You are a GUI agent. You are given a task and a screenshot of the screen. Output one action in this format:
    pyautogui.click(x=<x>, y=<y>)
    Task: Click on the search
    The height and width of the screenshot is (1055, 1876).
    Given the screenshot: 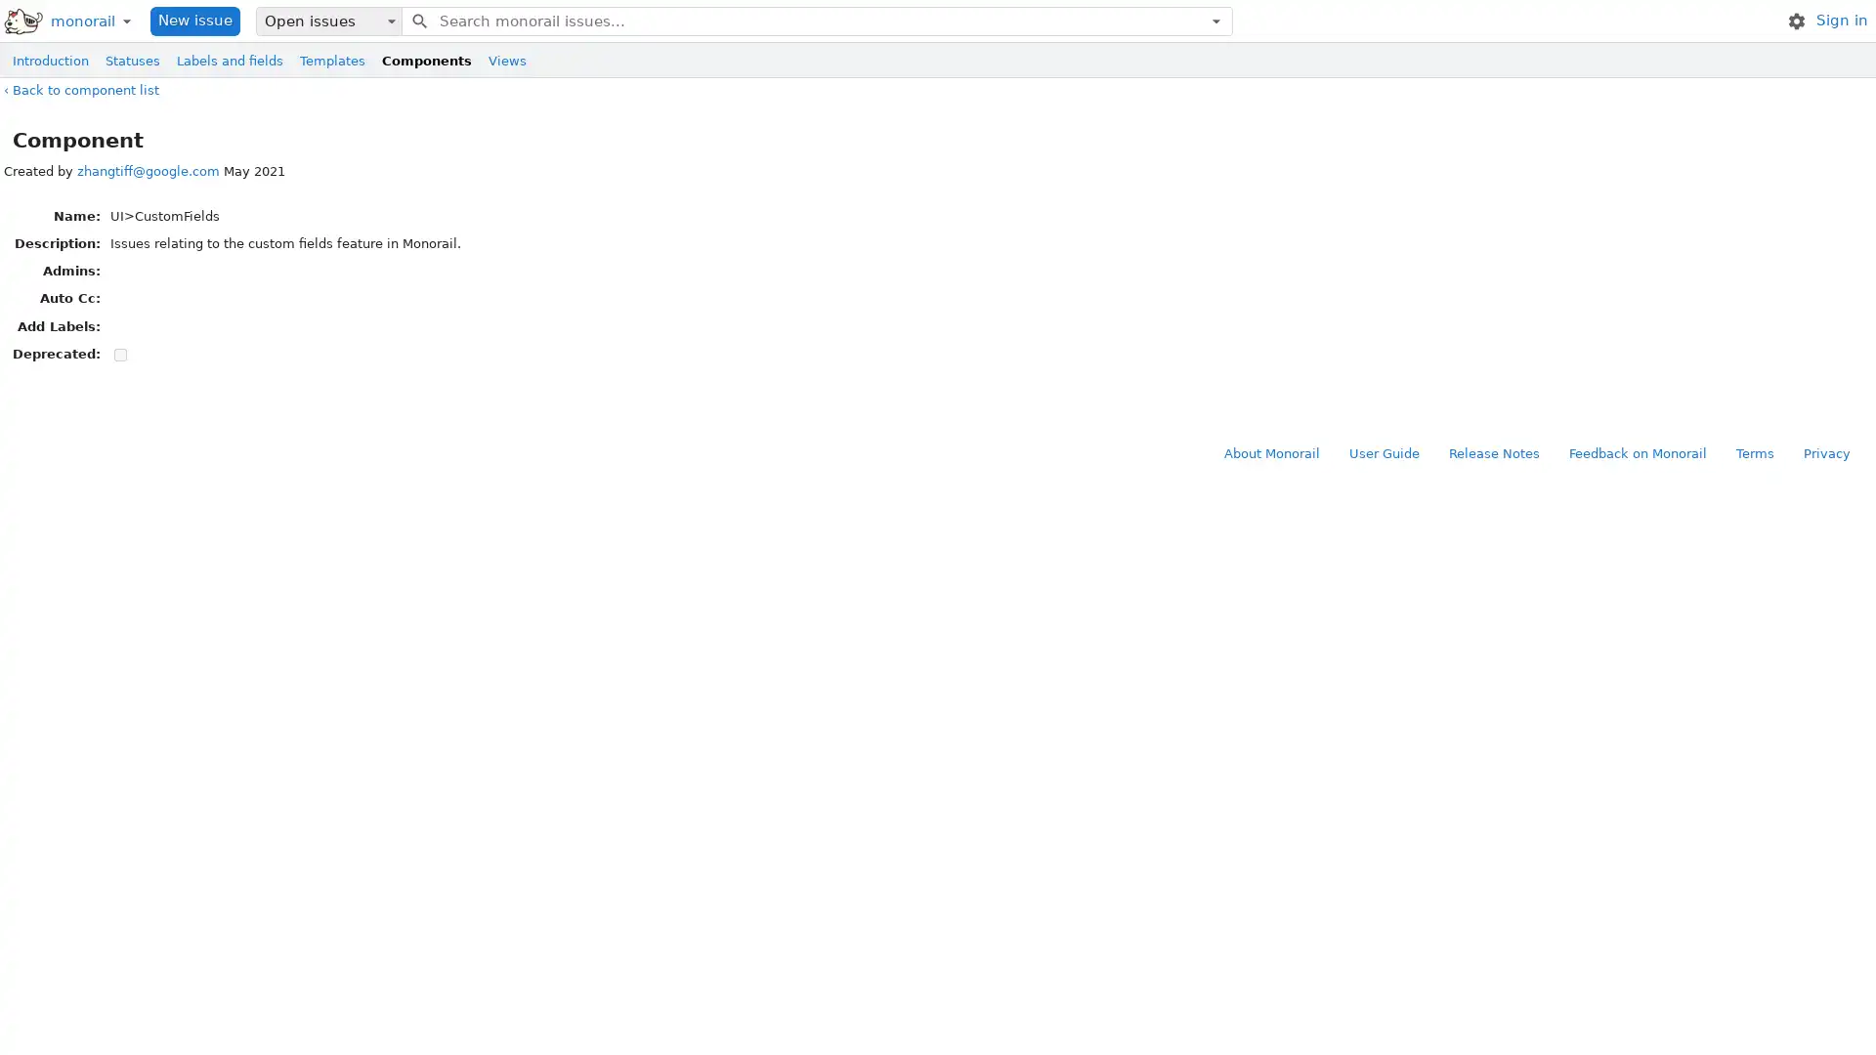 What is the action you would take?
    pyautogui.click(x=417, y=20)
    